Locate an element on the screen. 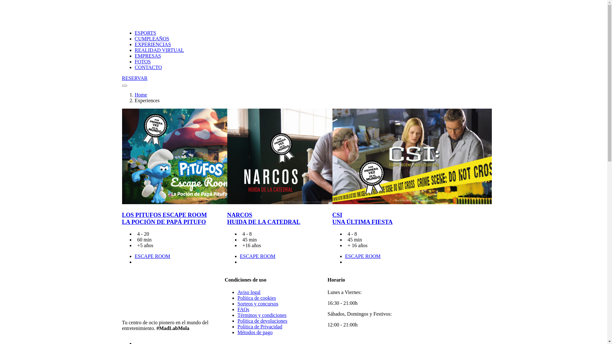  'ESCAPE ROOM' is located at coordinates (362, 256).